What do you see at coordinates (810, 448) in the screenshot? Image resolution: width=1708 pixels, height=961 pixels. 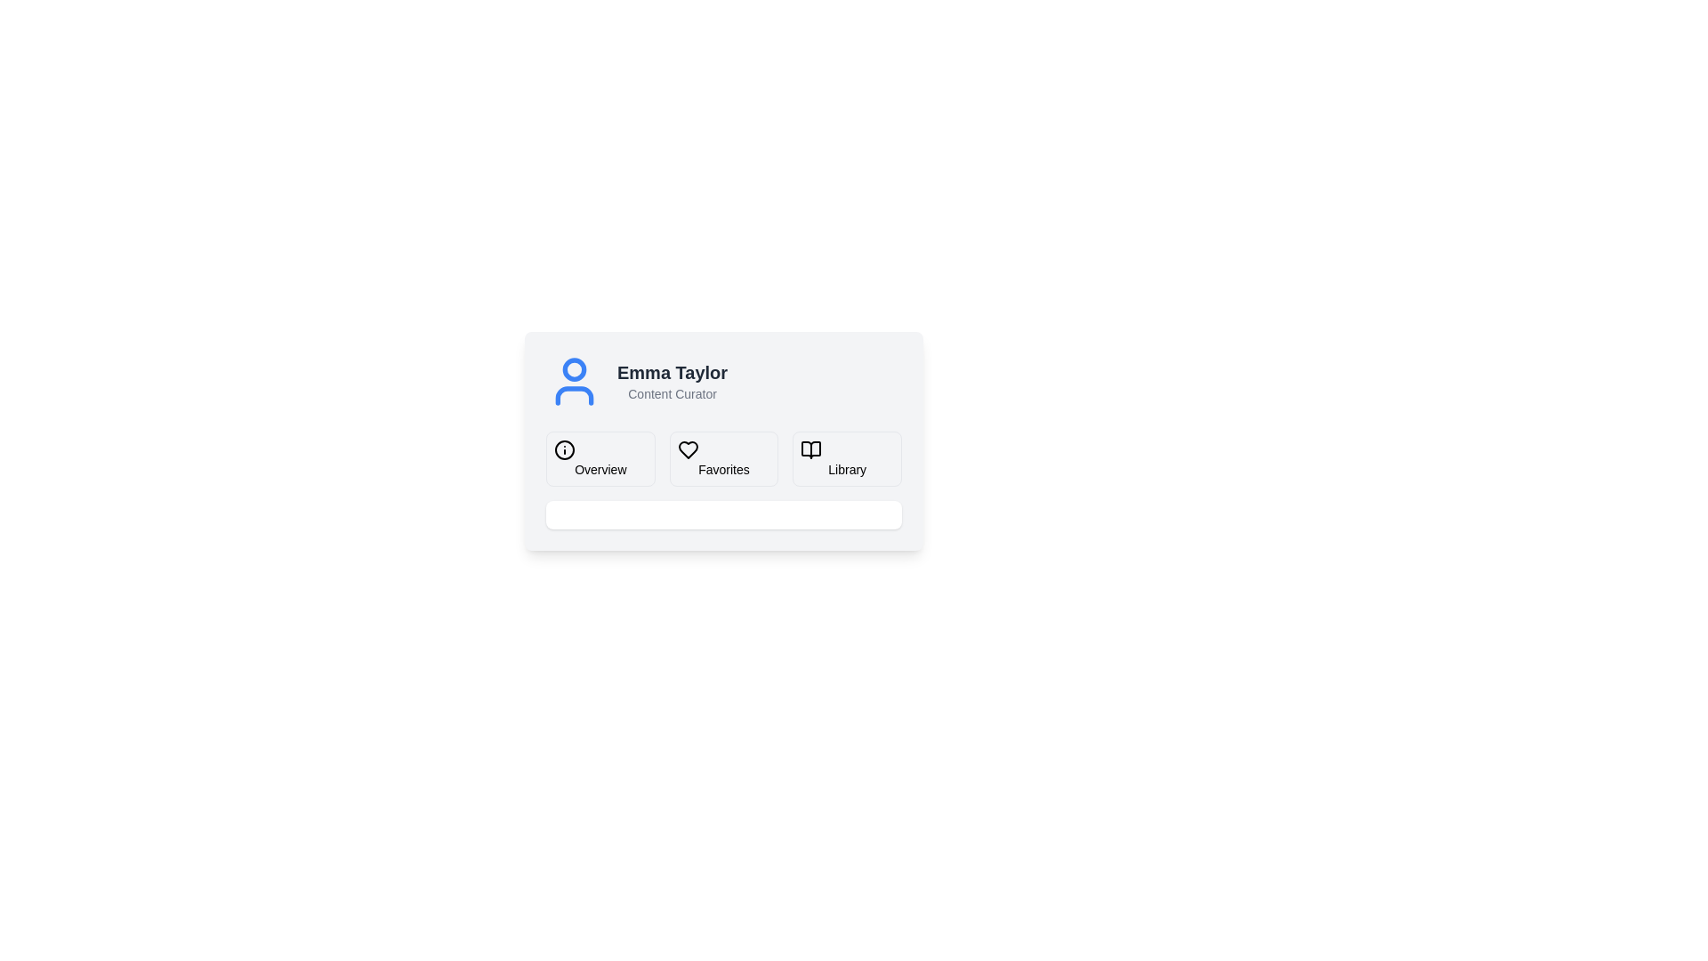 I see `the 'Library' button which contains a small SVG icon of an open book` at bounding box center [810, 448].